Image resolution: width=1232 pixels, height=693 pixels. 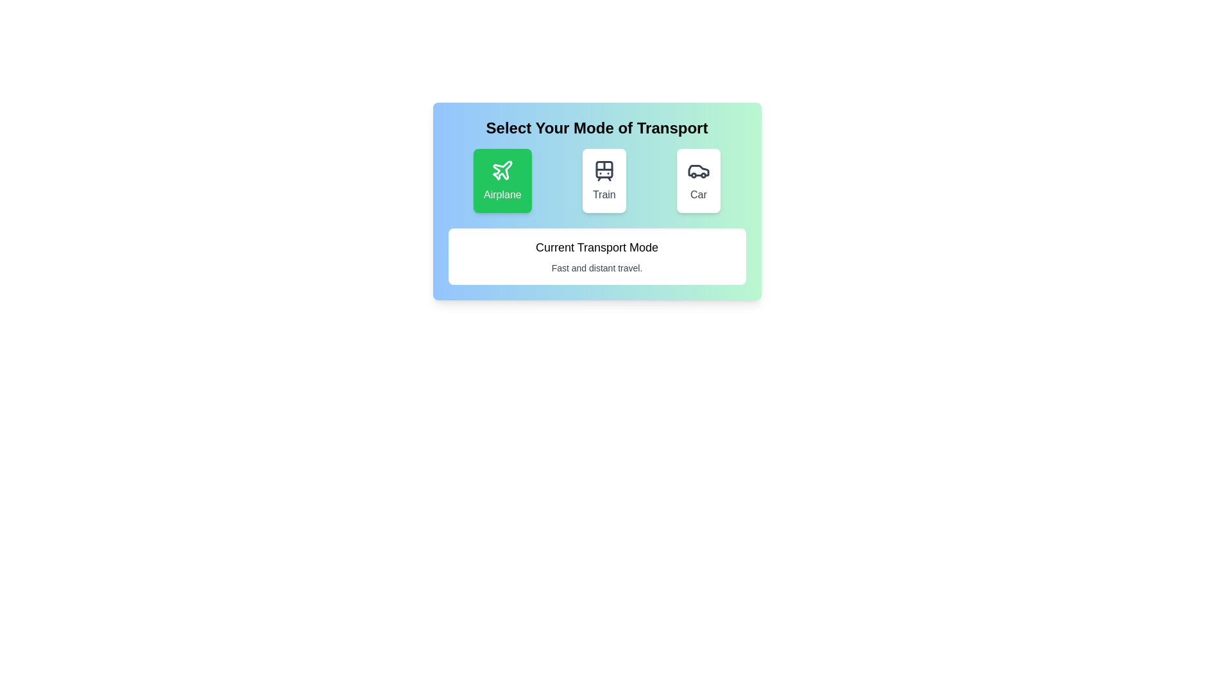 What do you see at coordinates (502, 180) in the screenshot?
I see `the transportation mode by clicking on the corresponding button for Airplane` at bounding box center [502, 180].